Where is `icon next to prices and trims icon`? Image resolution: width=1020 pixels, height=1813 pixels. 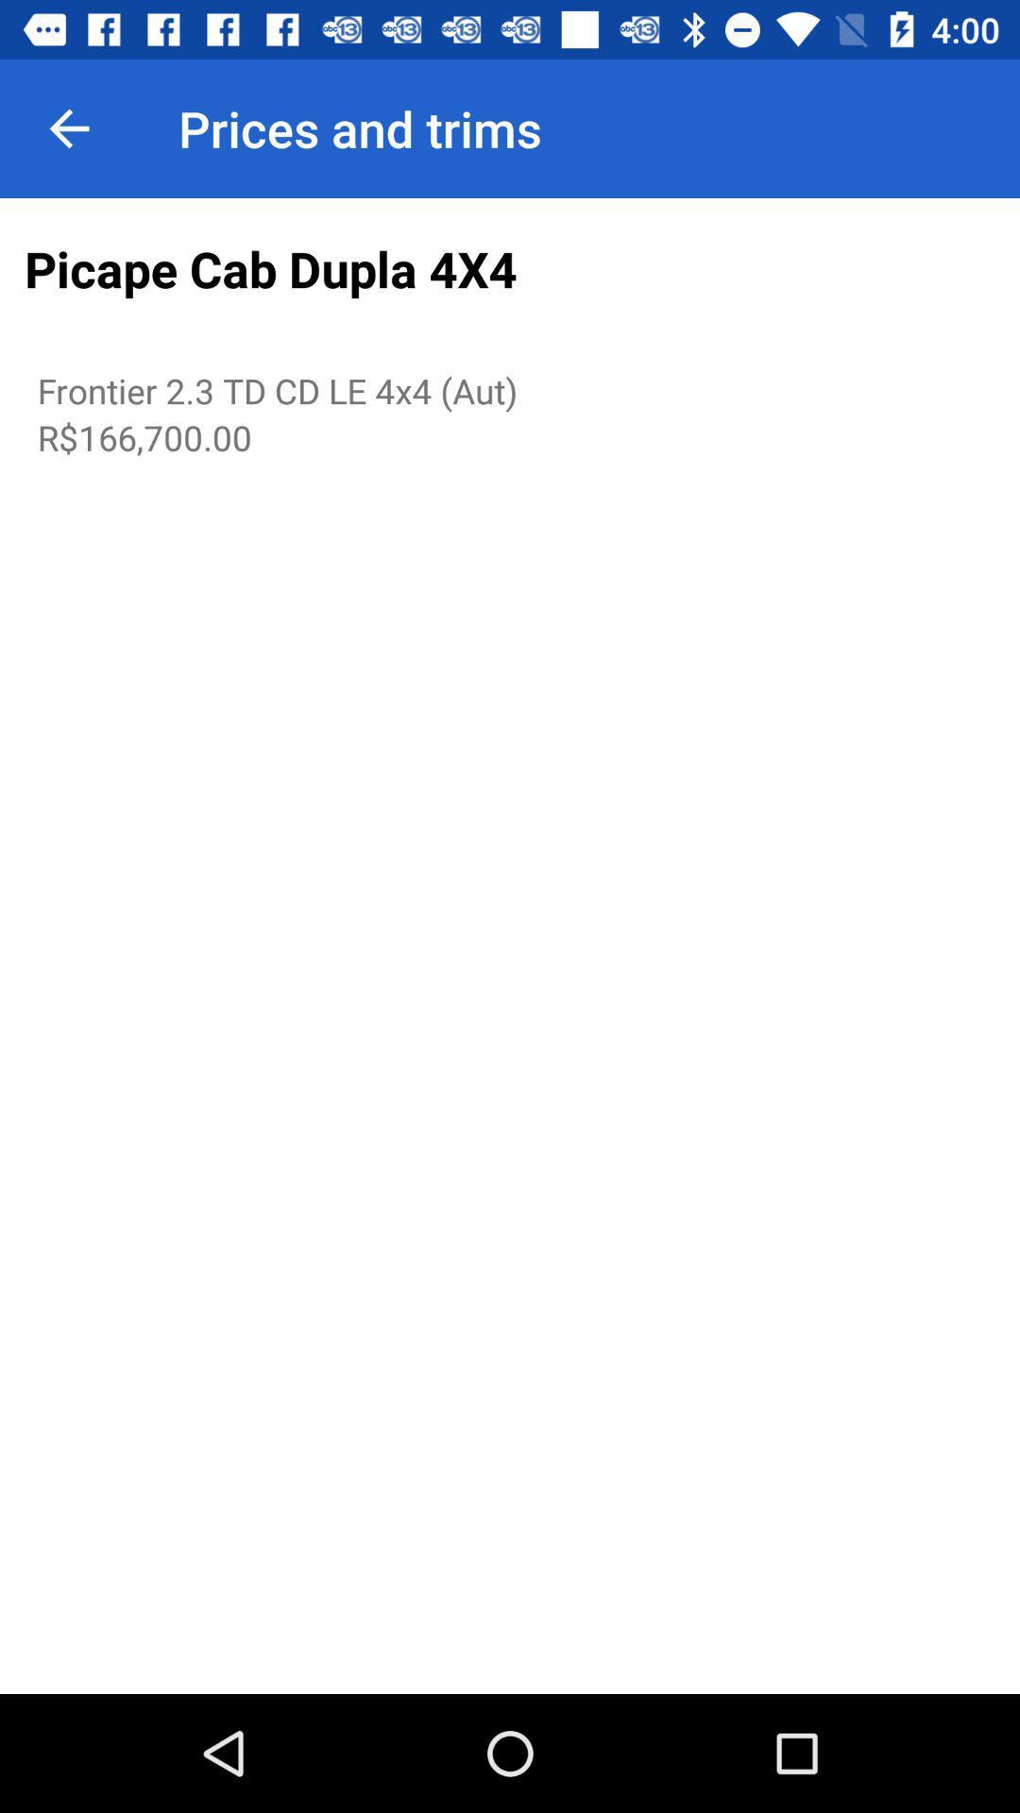
icon next to prices and trims icon is located at coordinates (68, 127).